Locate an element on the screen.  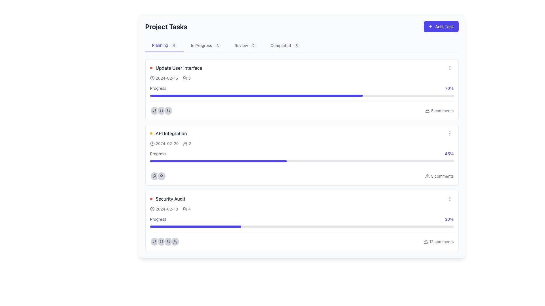
the Progress bar fill segment indicating 45% completion of the 'API Integration' task within the Progress section is located at coordinates (218, 161).